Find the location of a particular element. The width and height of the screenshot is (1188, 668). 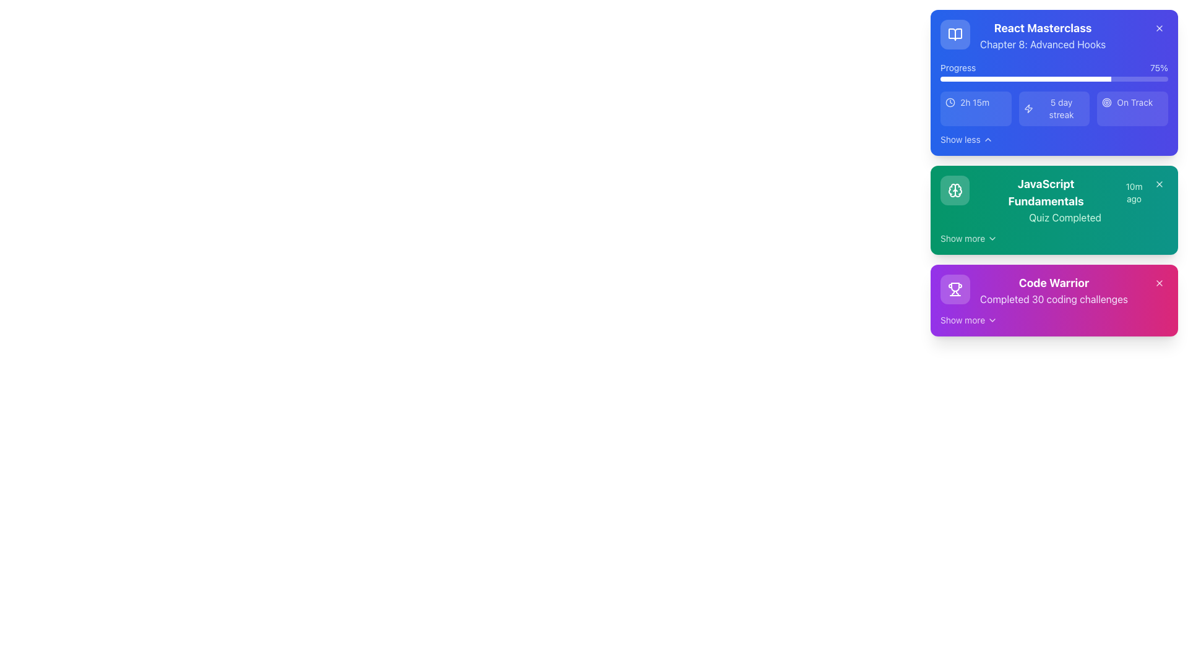

text content of the small text label displaying the time duration '2h 15m', which is located to the right of a clock icon within a blue card labeled 'React Masterclass' is located at coordinates (974, 101).